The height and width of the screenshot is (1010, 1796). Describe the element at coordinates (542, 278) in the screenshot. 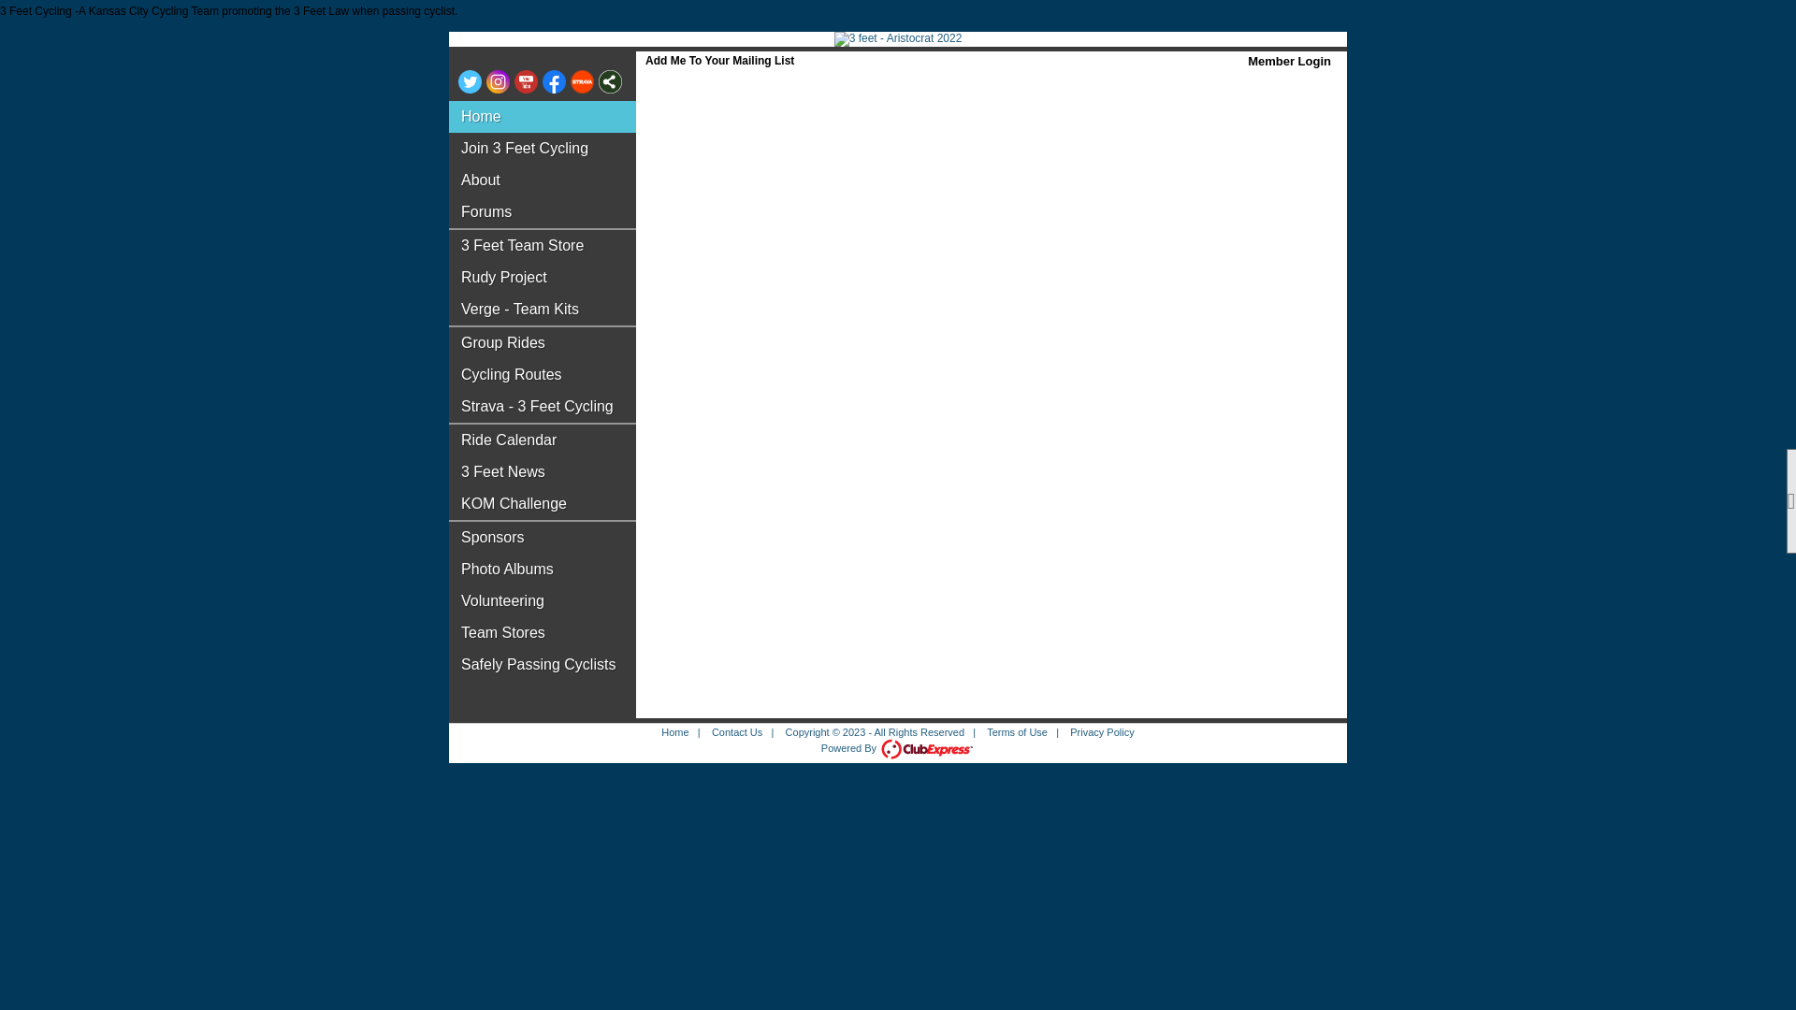

I see `'Rudy Project'` at that location.